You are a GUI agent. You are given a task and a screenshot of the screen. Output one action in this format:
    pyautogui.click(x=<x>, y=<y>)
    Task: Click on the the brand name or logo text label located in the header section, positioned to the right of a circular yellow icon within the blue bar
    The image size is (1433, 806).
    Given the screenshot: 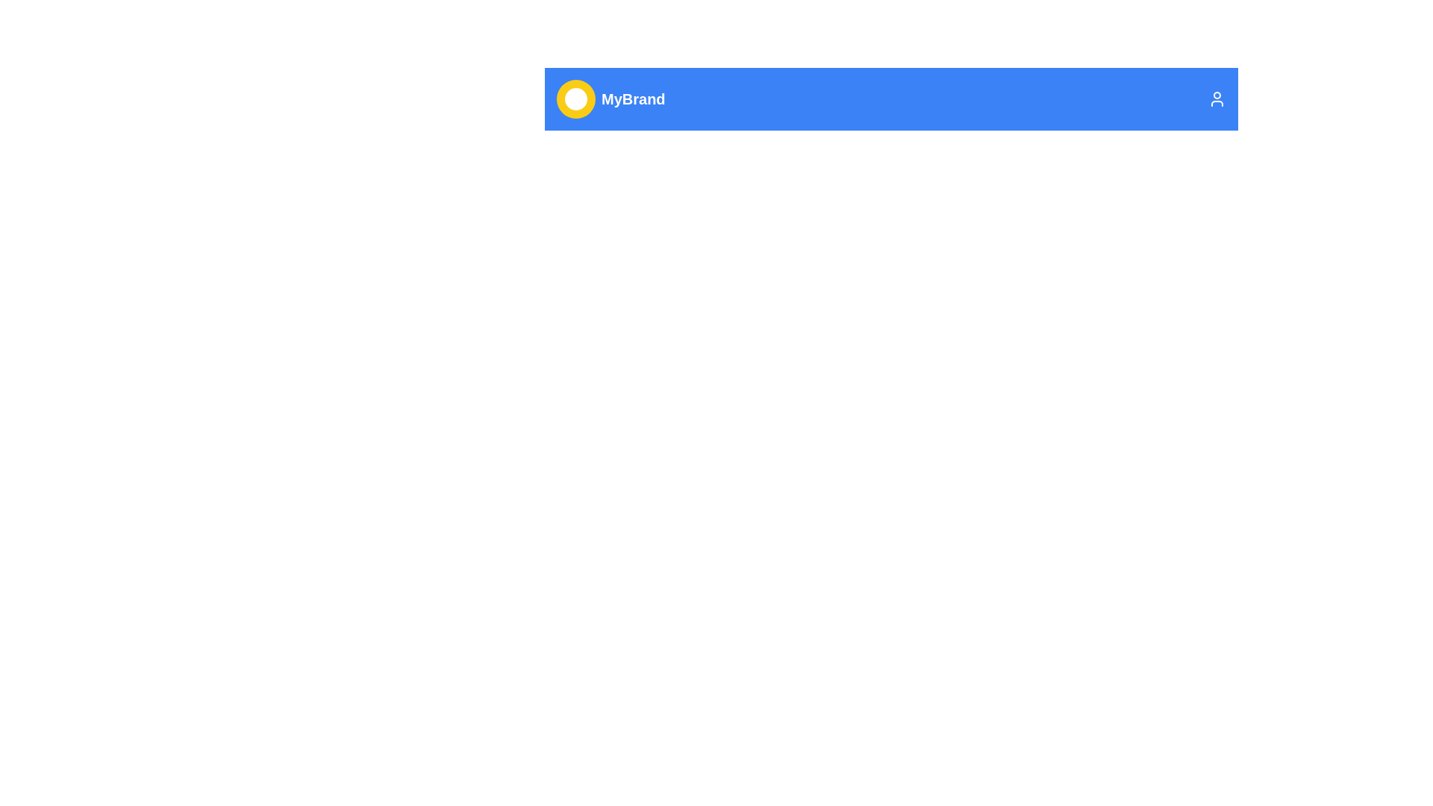 What is the action you would take?
    pyautogui.click(x=633, y=99)
    